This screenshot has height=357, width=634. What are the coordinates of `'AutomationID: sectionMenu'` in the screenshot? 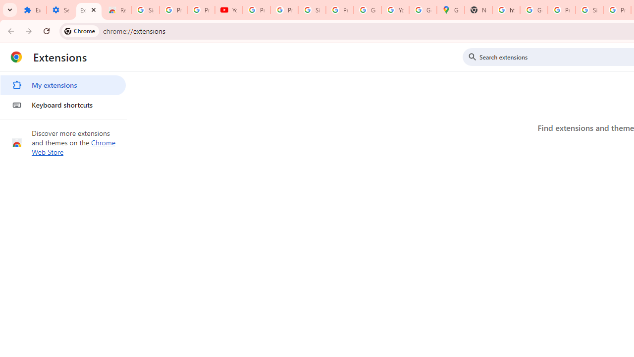 It's located at (63, 93).